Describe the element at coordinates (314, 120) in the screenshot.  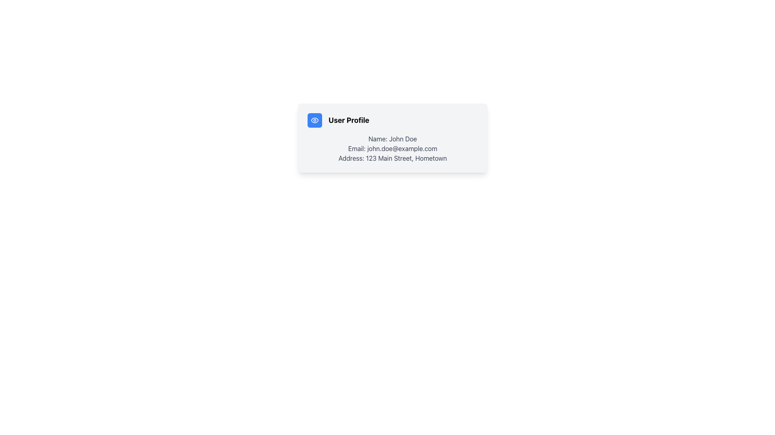
I see `the visibility toggle icon located inside a button with a blue background and white text in the top-left corner of the user profile card layout` at that location.